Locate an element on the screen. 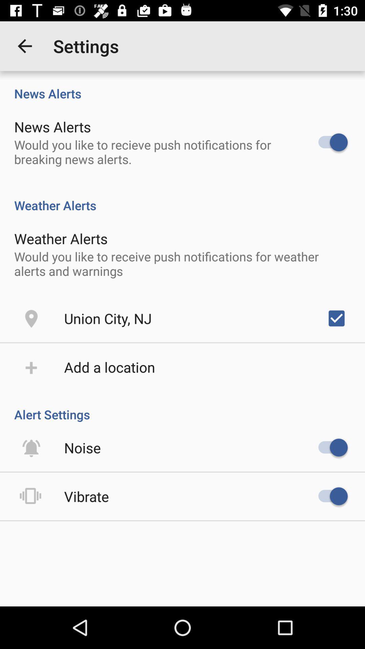 This screenshot has width=365, height=649. the icon above vibrate is located at coordinates (82, 448).